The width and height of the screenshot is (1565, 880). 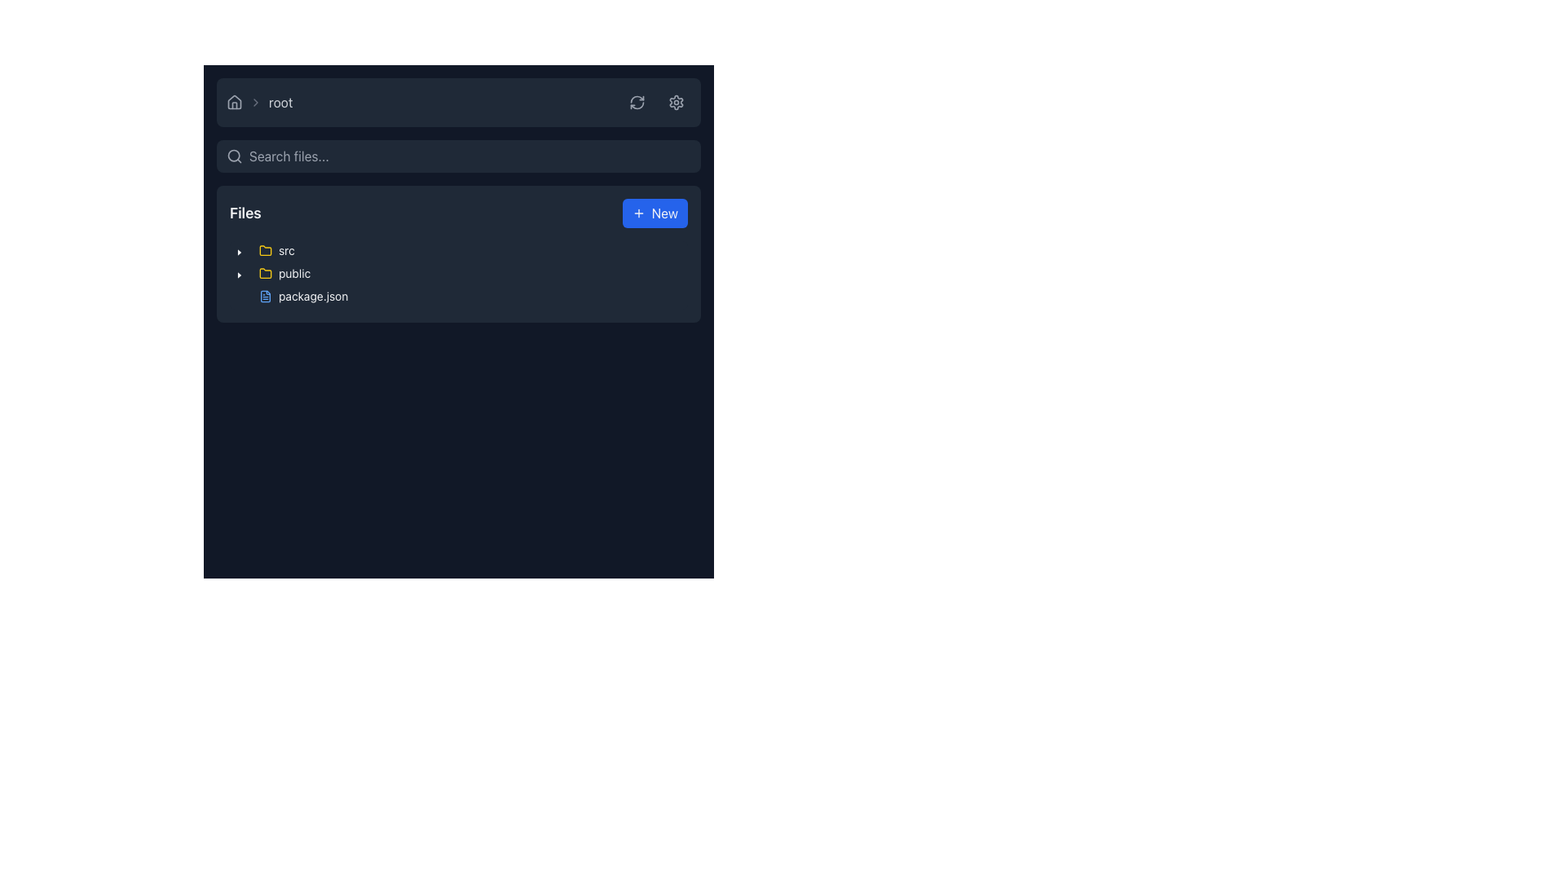 What do you see at coordinates (266, 251) in the screenshot?
I see `the disclosure triangle icon next to the 'src' folder in the file explorer` at bounding box center [266, 251].